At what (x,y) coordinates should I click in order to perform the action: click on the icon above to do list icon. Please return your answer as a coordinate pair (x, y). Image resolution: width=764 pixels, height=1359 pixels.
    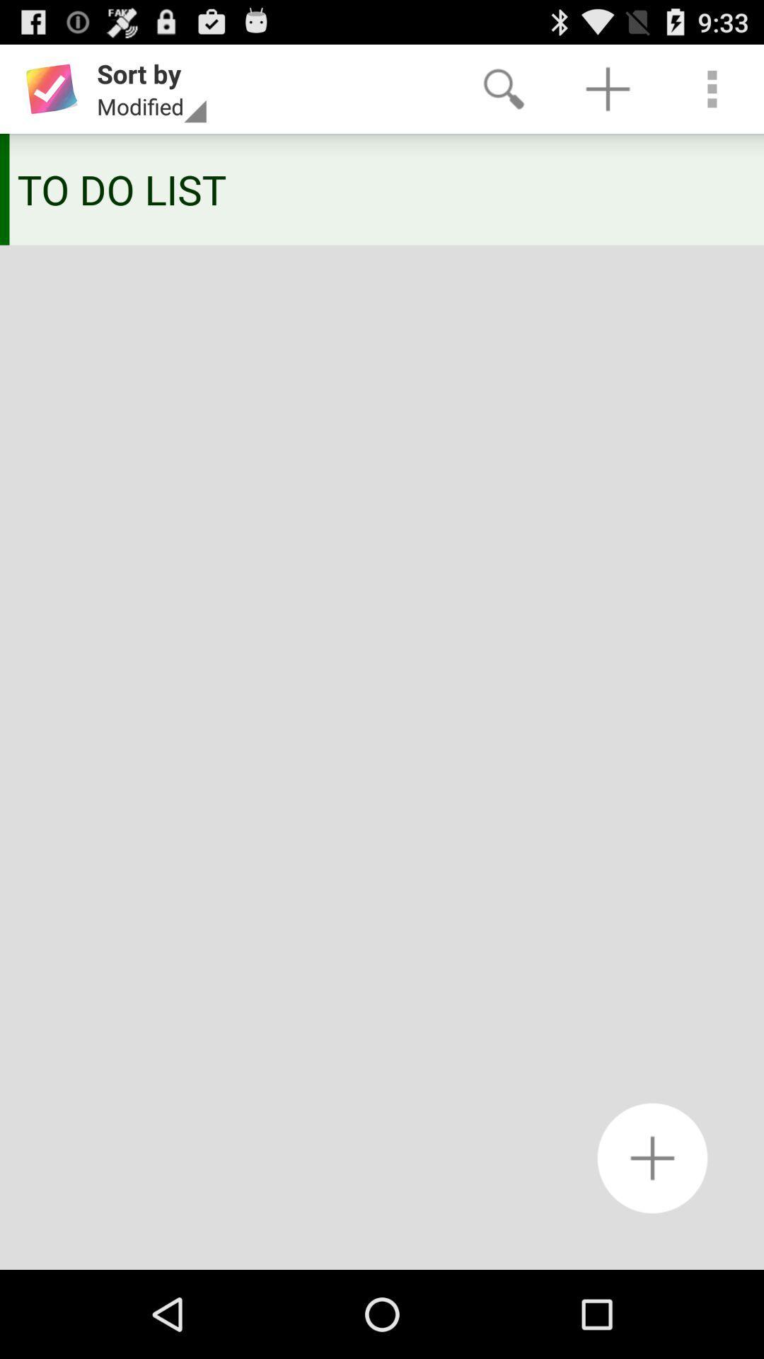
    Looking at the image, I should click on (503, 88).